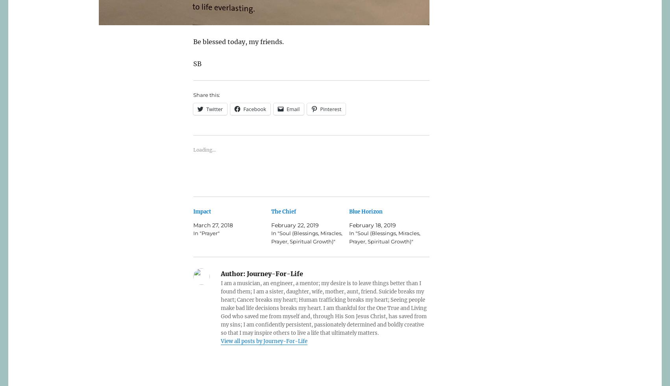 This screenshot has width=670, height=386. I want to click on 'View all posts by Journey-For-Life', so click(220, 341).